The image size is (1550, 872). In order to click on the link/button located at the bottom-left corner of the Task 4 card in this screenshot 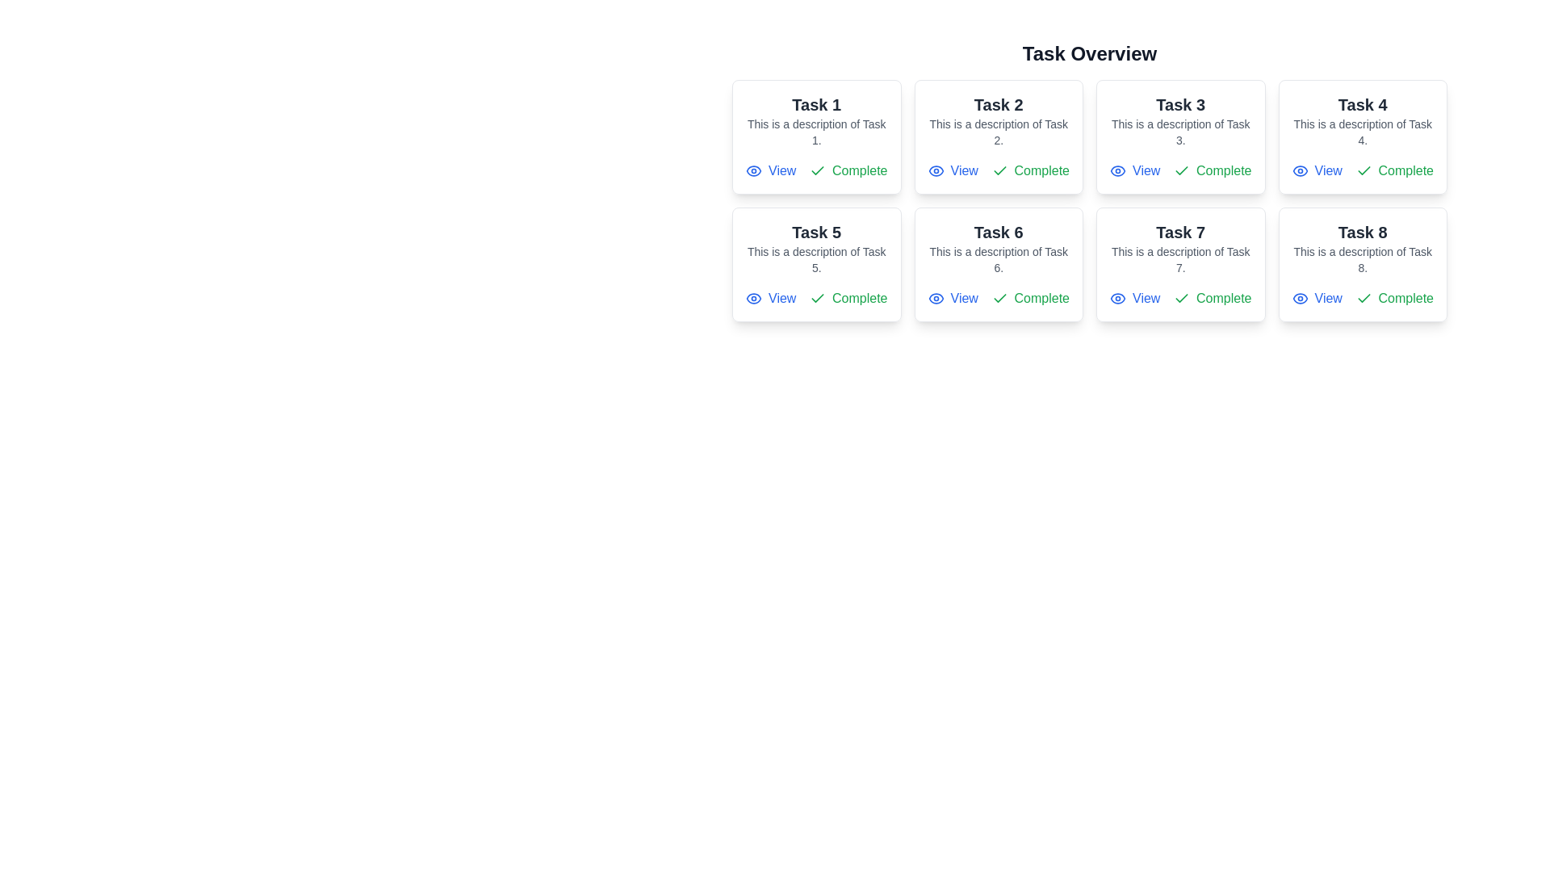, I will do `click(1317, 171)`.